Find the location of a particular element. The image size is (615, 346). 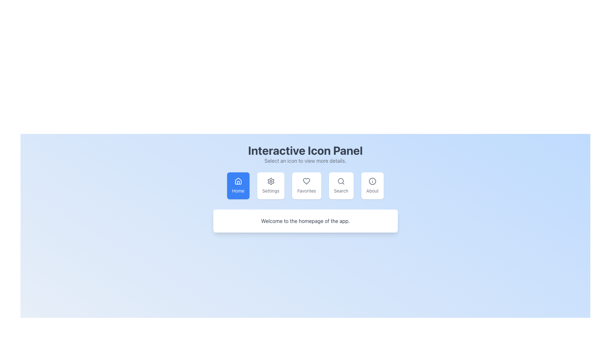

the graphic element (circle) located in the center of the 'About' icon, which is the rightmost icon on the row is located at coordinates (372, 181).